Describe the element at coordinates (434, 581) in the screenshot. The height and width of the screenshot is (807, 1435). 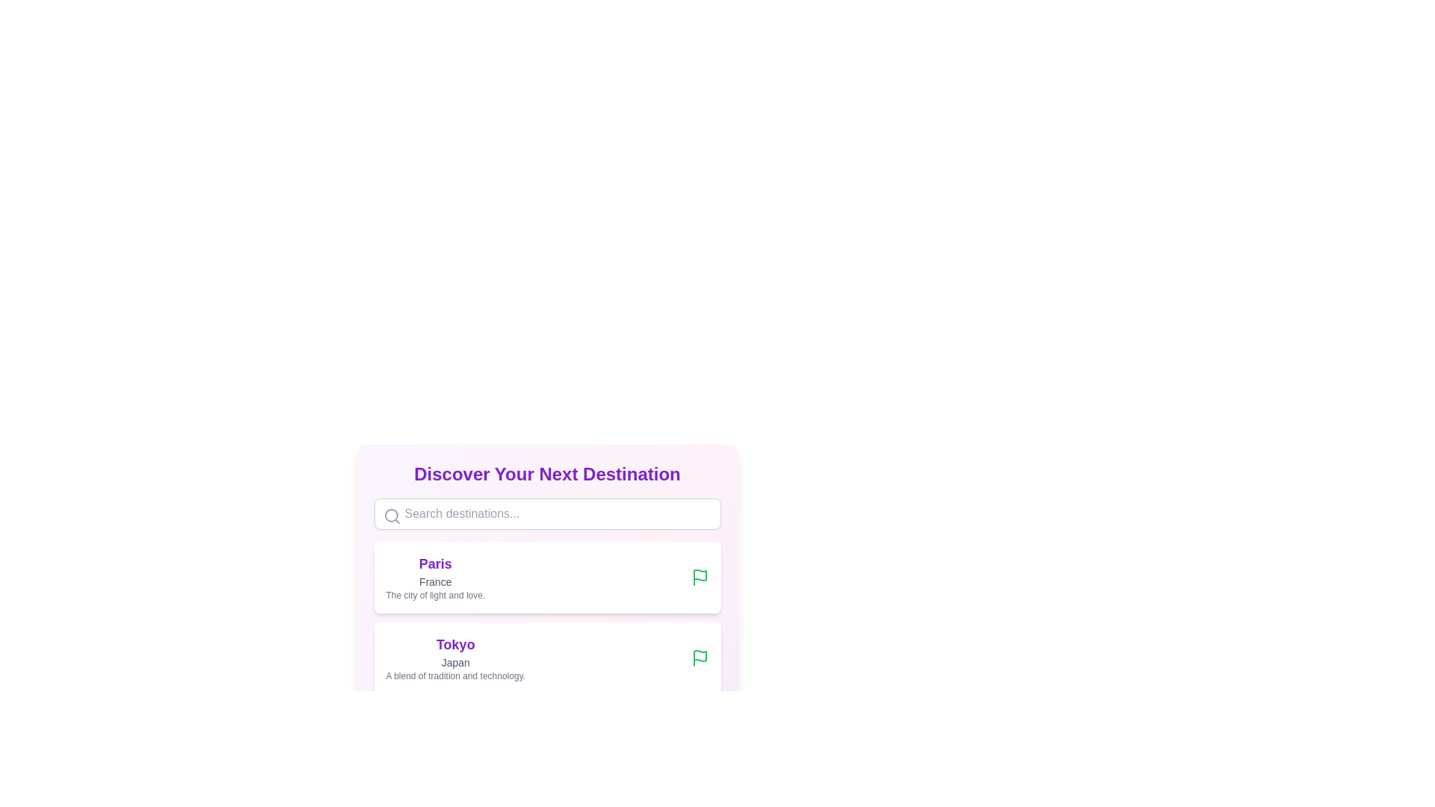
I see `the text label displaying 'France' which is located below 'Paris' and above 'The city of light and love.' in a card-like layout` at that location.